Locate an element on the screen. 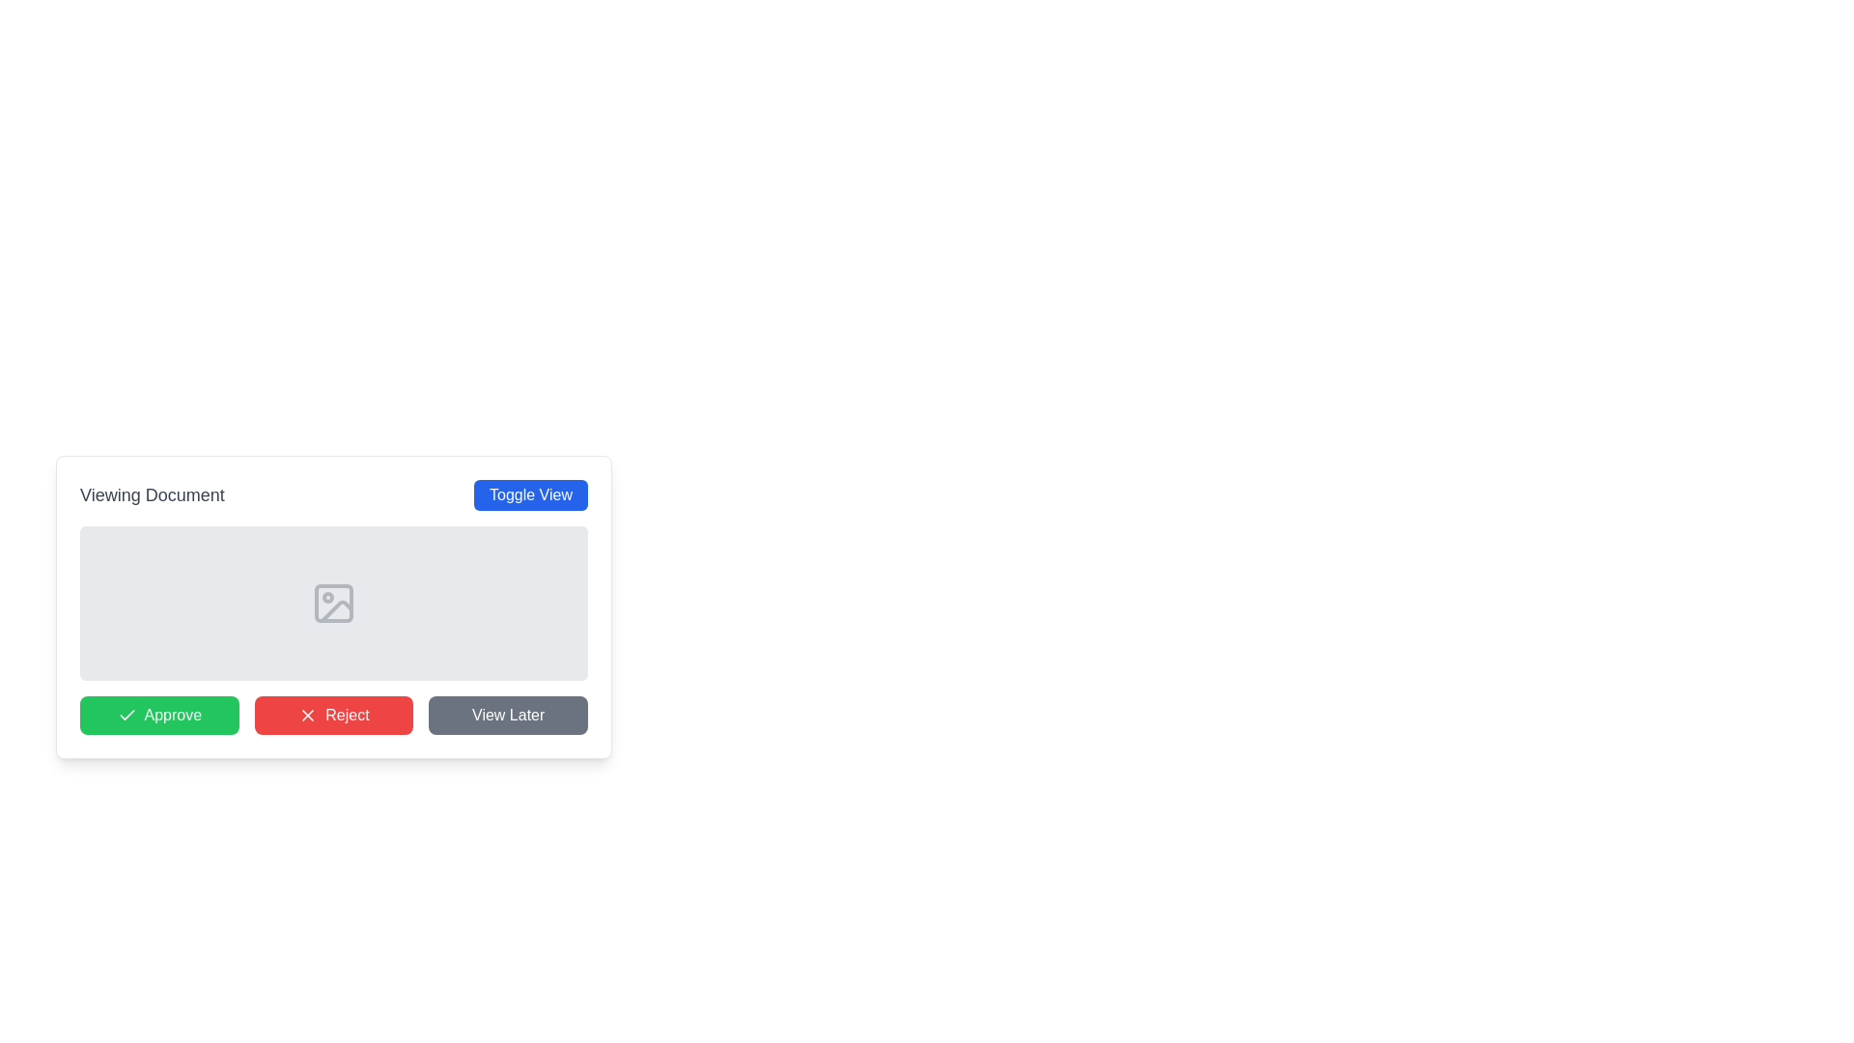  the close/dismiss icon, which is a small, cross-shaped graphical icon located towards the top-right region of the interface is located at coordinates (307, 715).